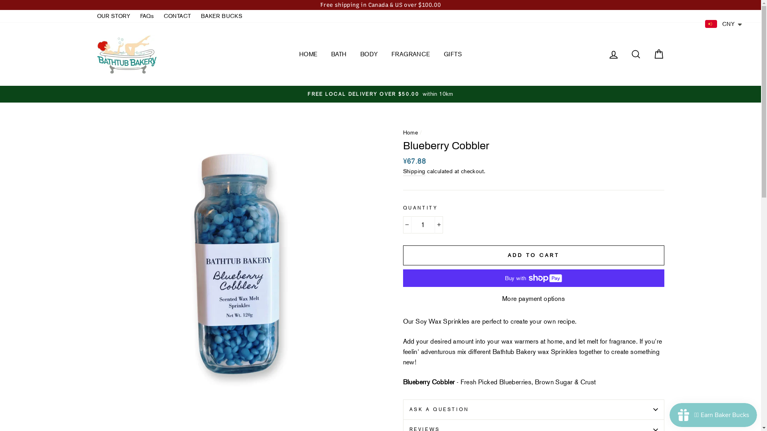 The image size is (767, 431). I want to click on 'Home', so click(410, 132).